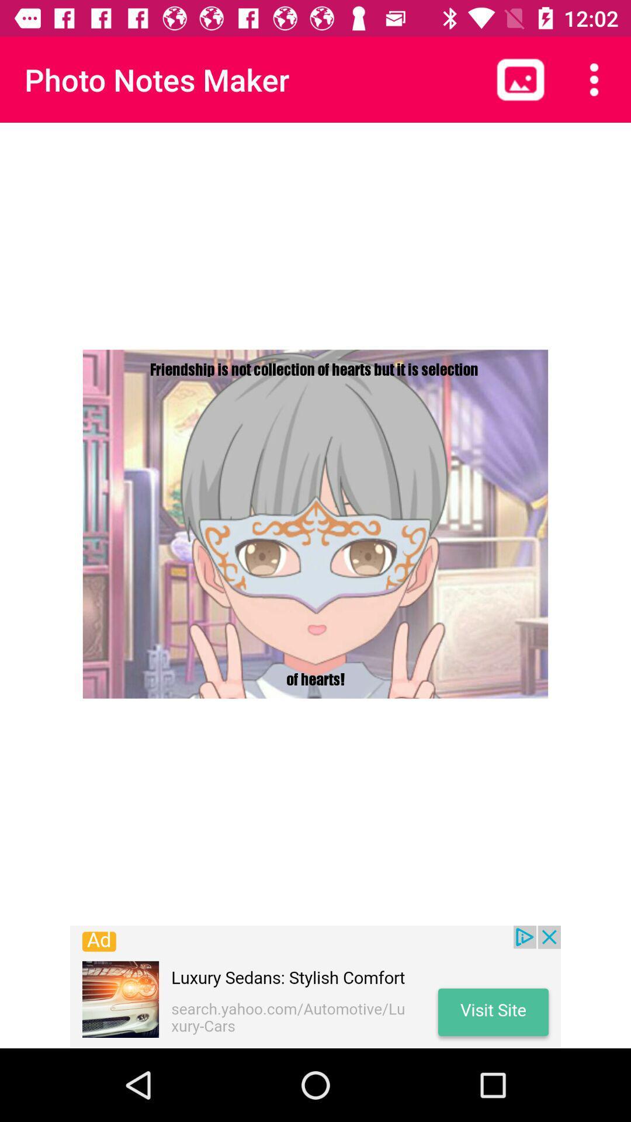 This screenshot has height=1122, width=631. Describe the element at coordinates (520, 79) in the screenshot. I see `to add more photos to make` at that location.